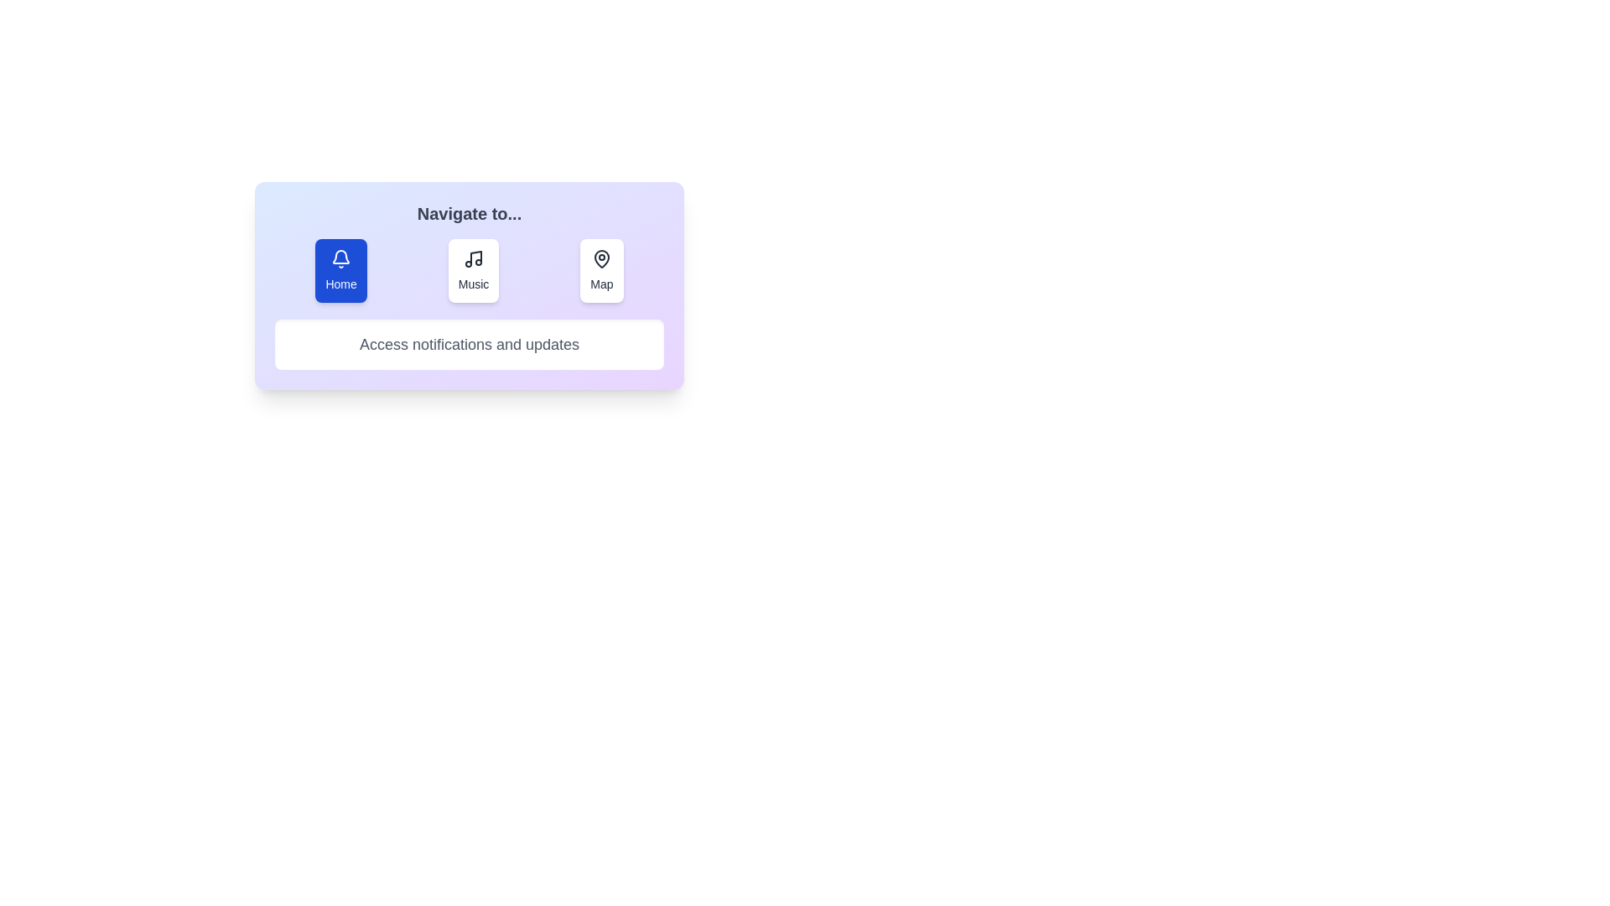 The height and width of the screenshot is (906, 1610). What do you see at coordinates (470, 344) in the screenshot?
I see `the description text displayed below the tabs for the active tab` at bounding box center [470, 344].